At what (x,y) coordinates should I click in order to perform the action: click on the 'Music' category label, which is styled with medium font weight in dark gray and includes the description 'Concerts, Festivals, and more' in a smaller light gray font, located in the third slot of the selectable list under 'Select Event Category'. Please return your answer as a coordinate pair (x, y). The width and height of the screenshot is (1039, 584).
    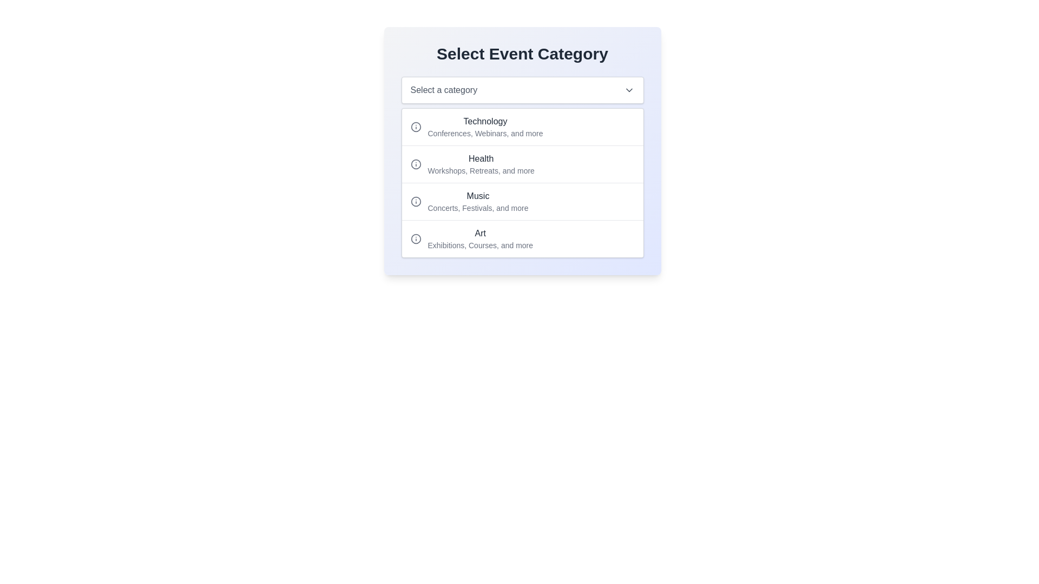
    Looking at the image, I should click on (477, 202).